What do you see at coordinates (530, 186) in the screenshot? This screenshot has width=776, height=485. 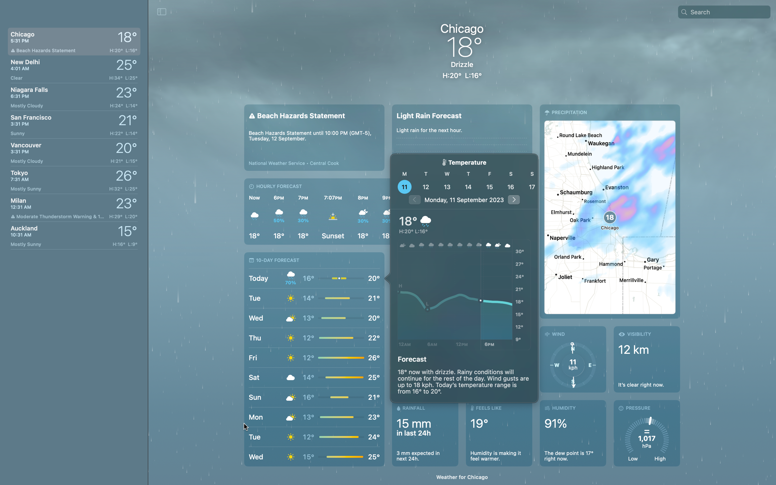 I see `View the weather of Chicagoon the 17th` at bounding box center [530, 186].